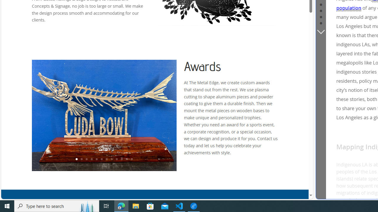 This screenshot has width=378, height=212. I want to click on '2', so click(81, 159).